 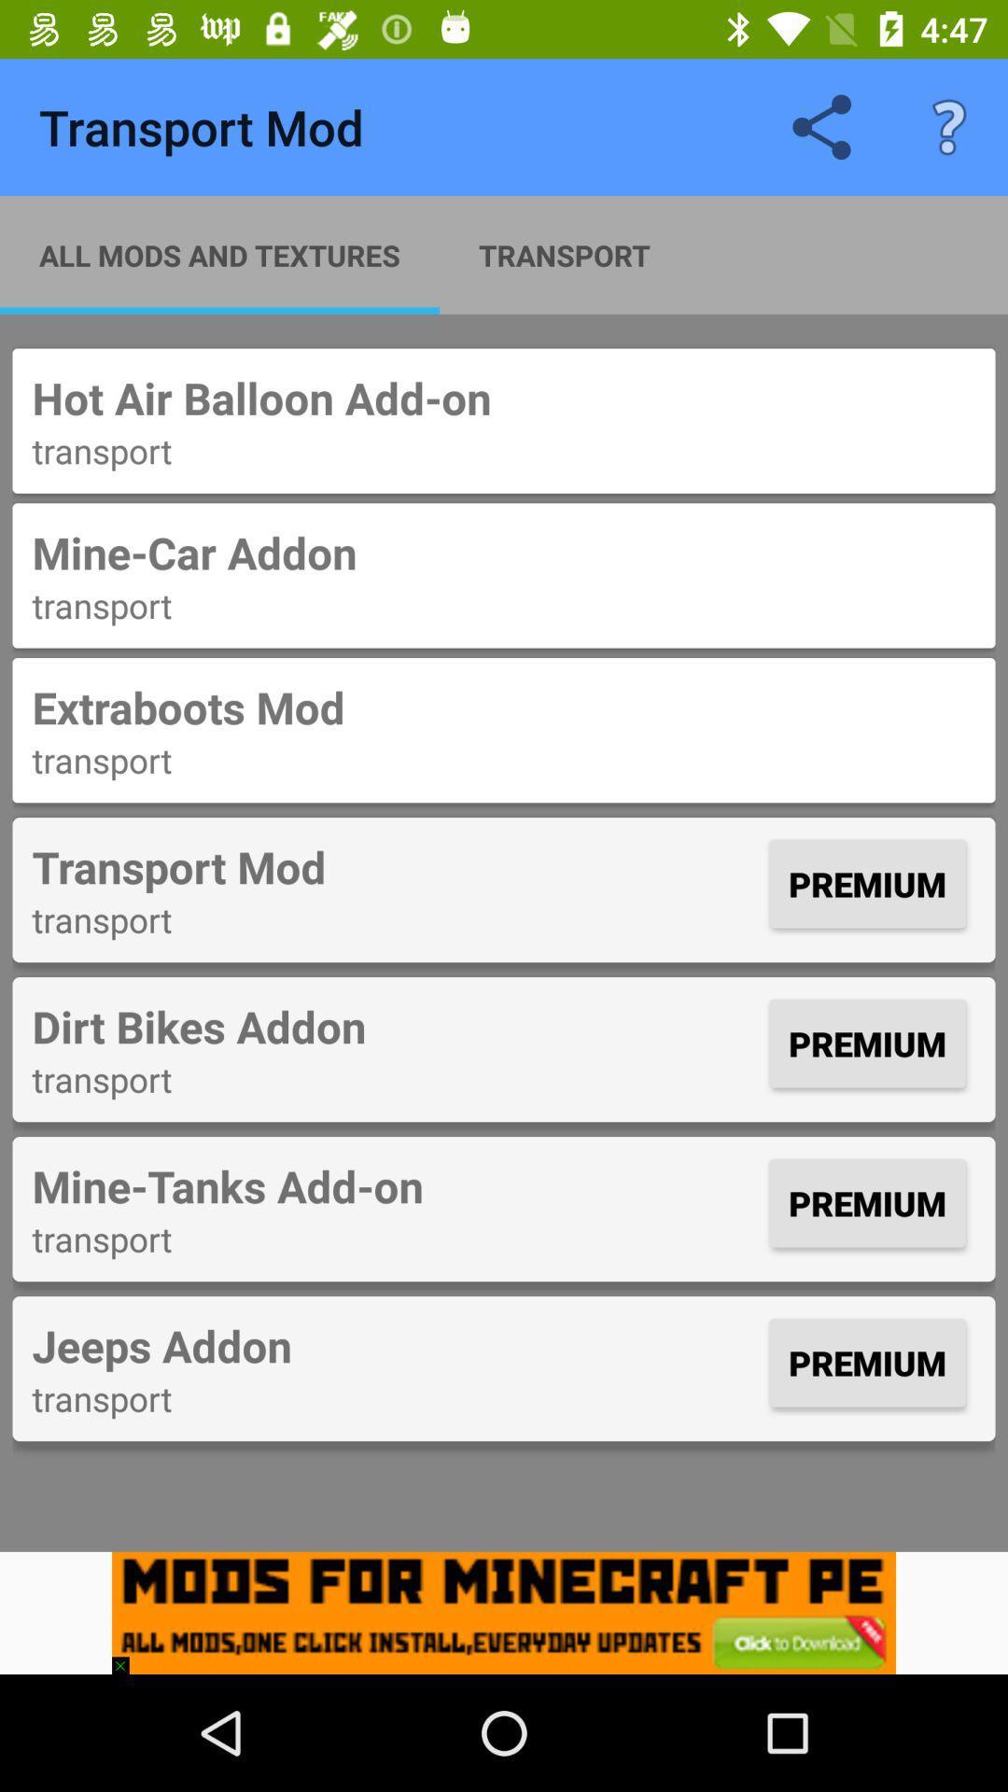 What do you see at coordinates (504, 552) in the screenshot?
I see `the item below the transport item` at bounding box center [504, 552].